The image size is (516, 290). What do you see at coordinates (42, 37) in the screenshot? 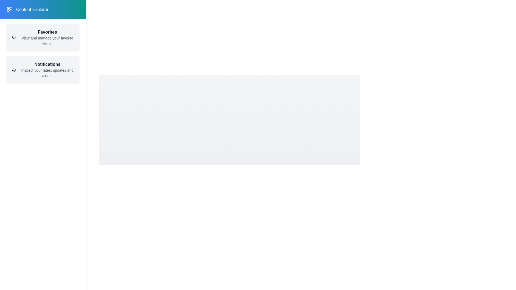
I see `the 'Favorites' item in the drawer` at bounding box center [42, 37].